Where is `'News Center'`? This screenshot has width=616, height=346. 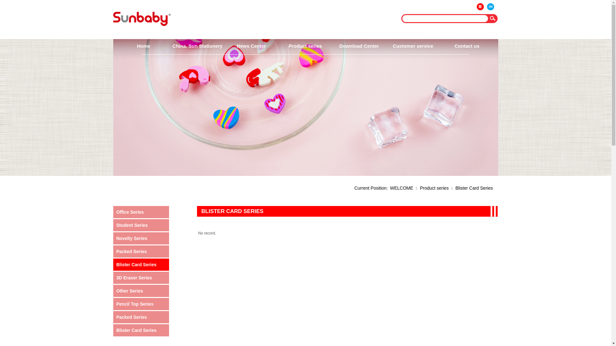 'News Center' is located at coordinates (251, 45).